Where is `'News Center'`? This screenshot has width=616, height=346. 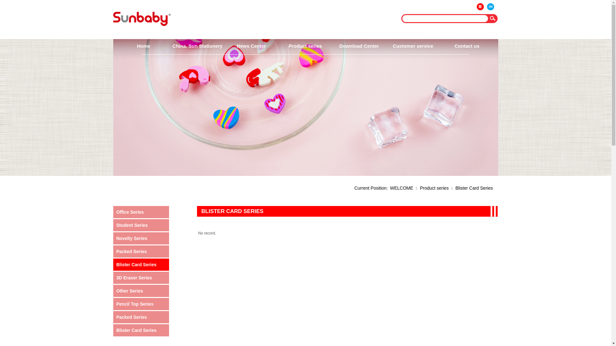 'News Center' is located at coordinates (251, 45).